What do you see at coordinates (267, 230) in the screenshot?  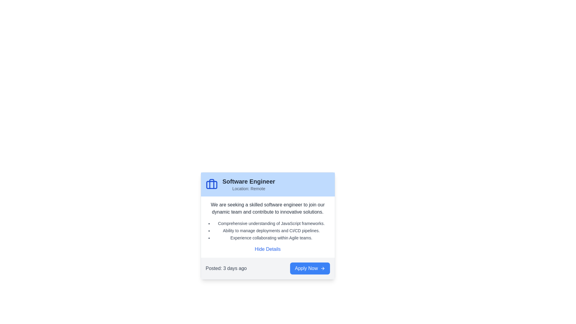 I see `text from the vertically listed series of bullet points in the card interface section, which describes technical skills and experience` at bounding box center [267, 230].